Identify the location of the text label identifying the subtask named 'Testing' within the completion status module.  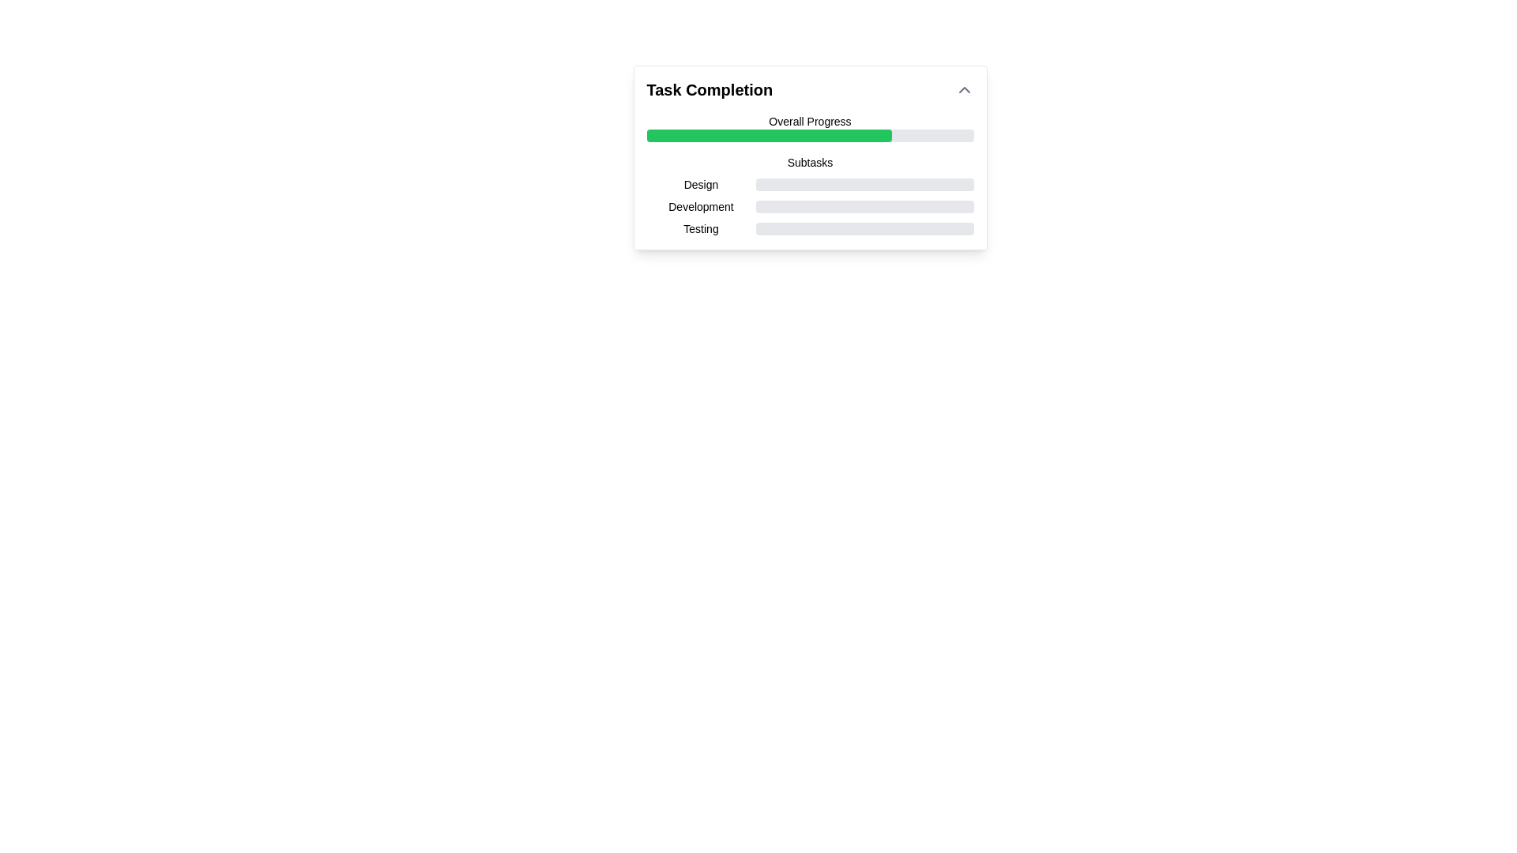
(700, 228).